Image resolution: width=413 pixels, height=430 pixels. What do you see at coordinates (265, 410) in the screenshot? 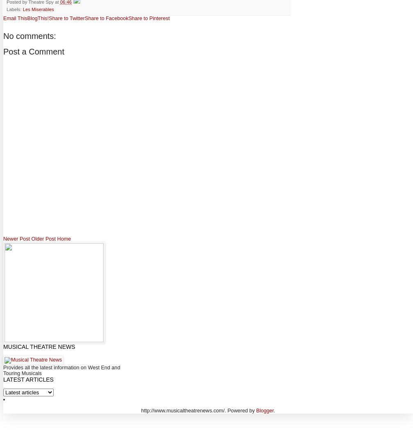
I see `'Blogger'` at bounding box center [265, 410].